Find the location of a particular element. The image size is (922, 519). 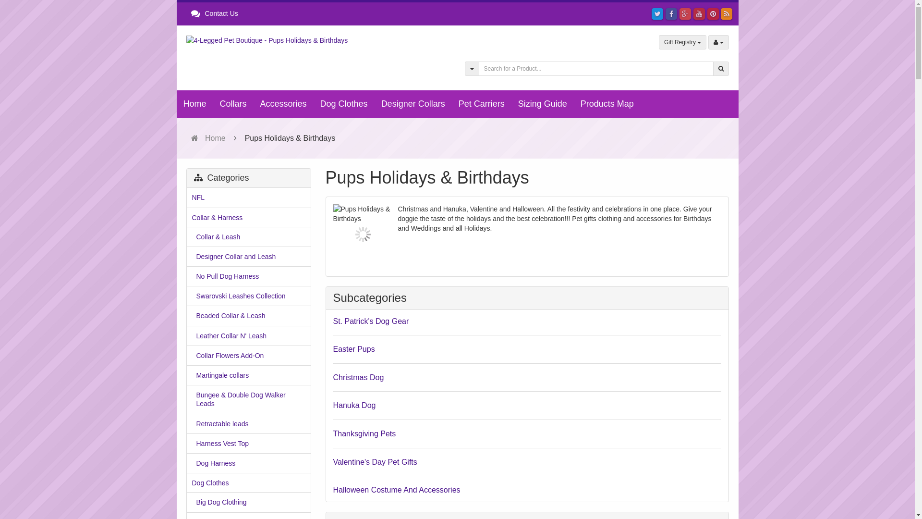

'No Pull Dog Harness' is located at coordinates (248, 276).